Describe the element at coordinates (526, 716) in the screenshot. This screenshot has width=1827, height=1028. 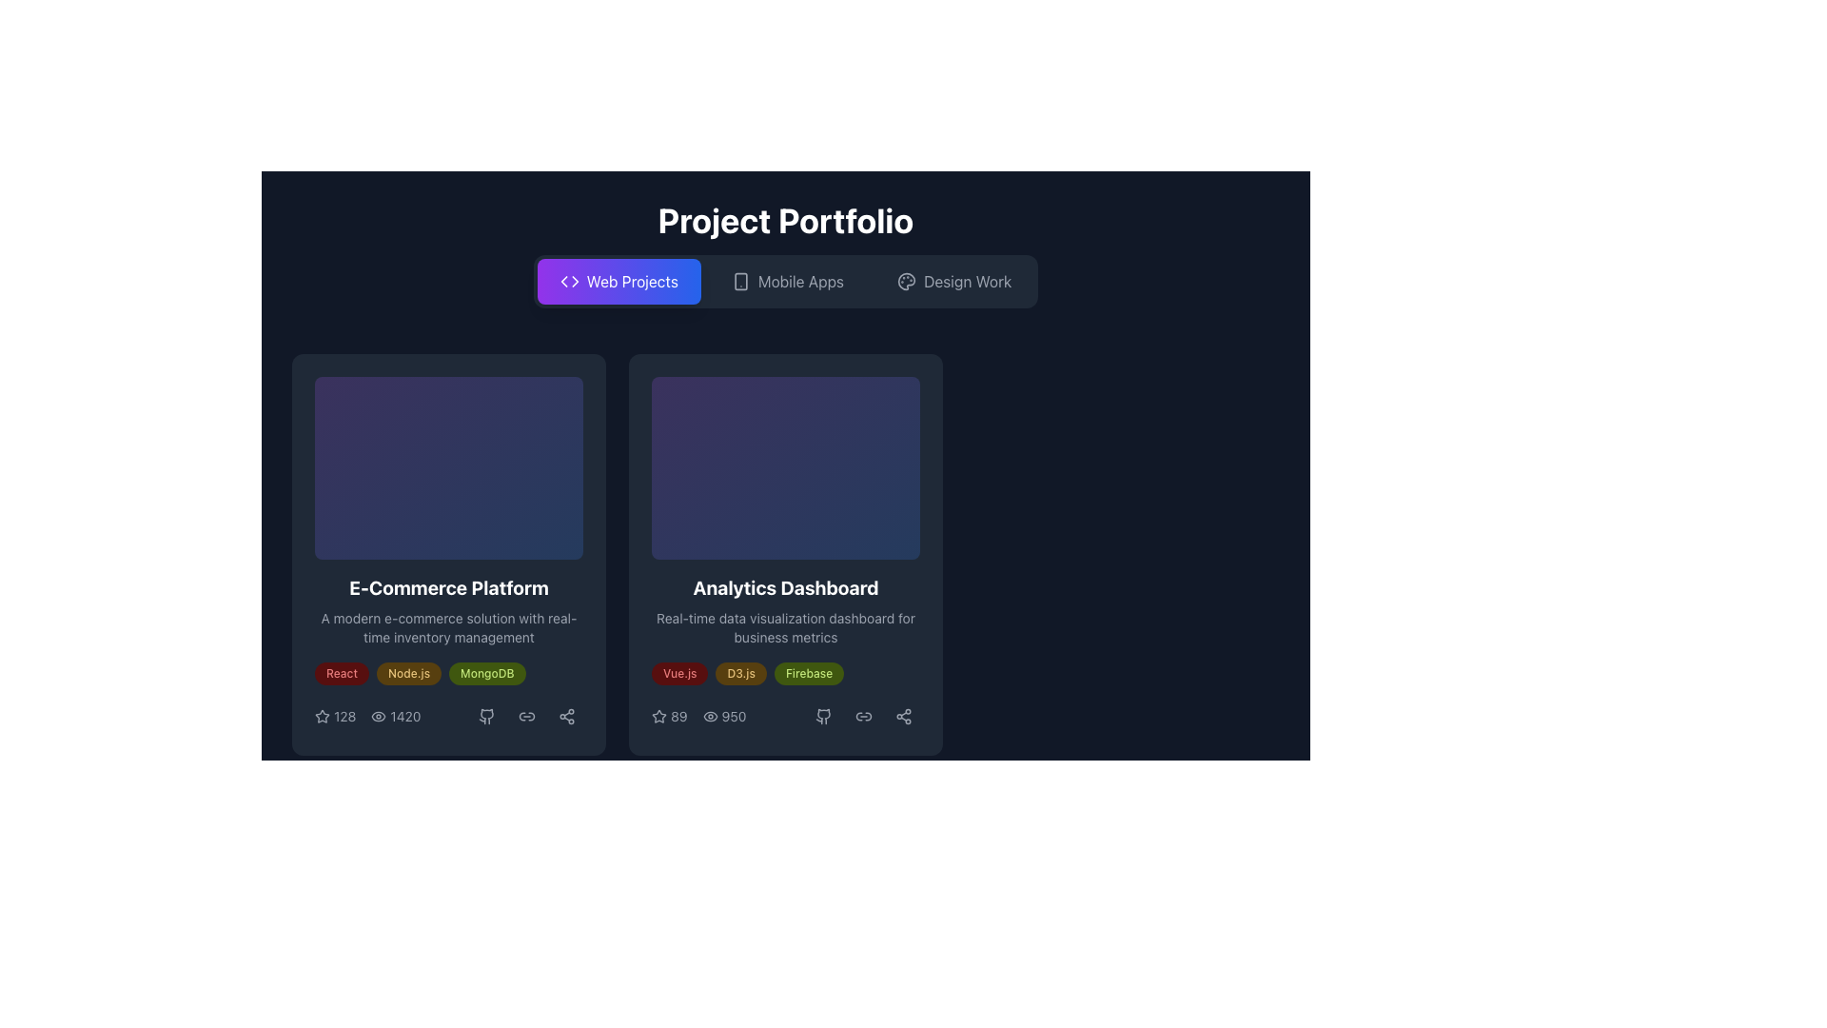
I see `the SVG link icon located in the bottom-right corner of the 'E-Commerce Platform' card` at that location.